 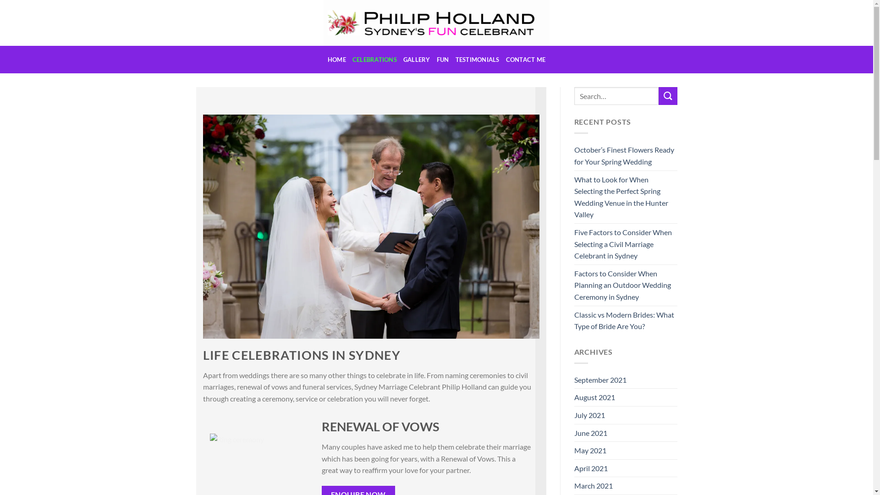 What do you see at coordinates (589, 450) in the screenshot?
I see `'May 2021'` at bounding box center [589, 450].